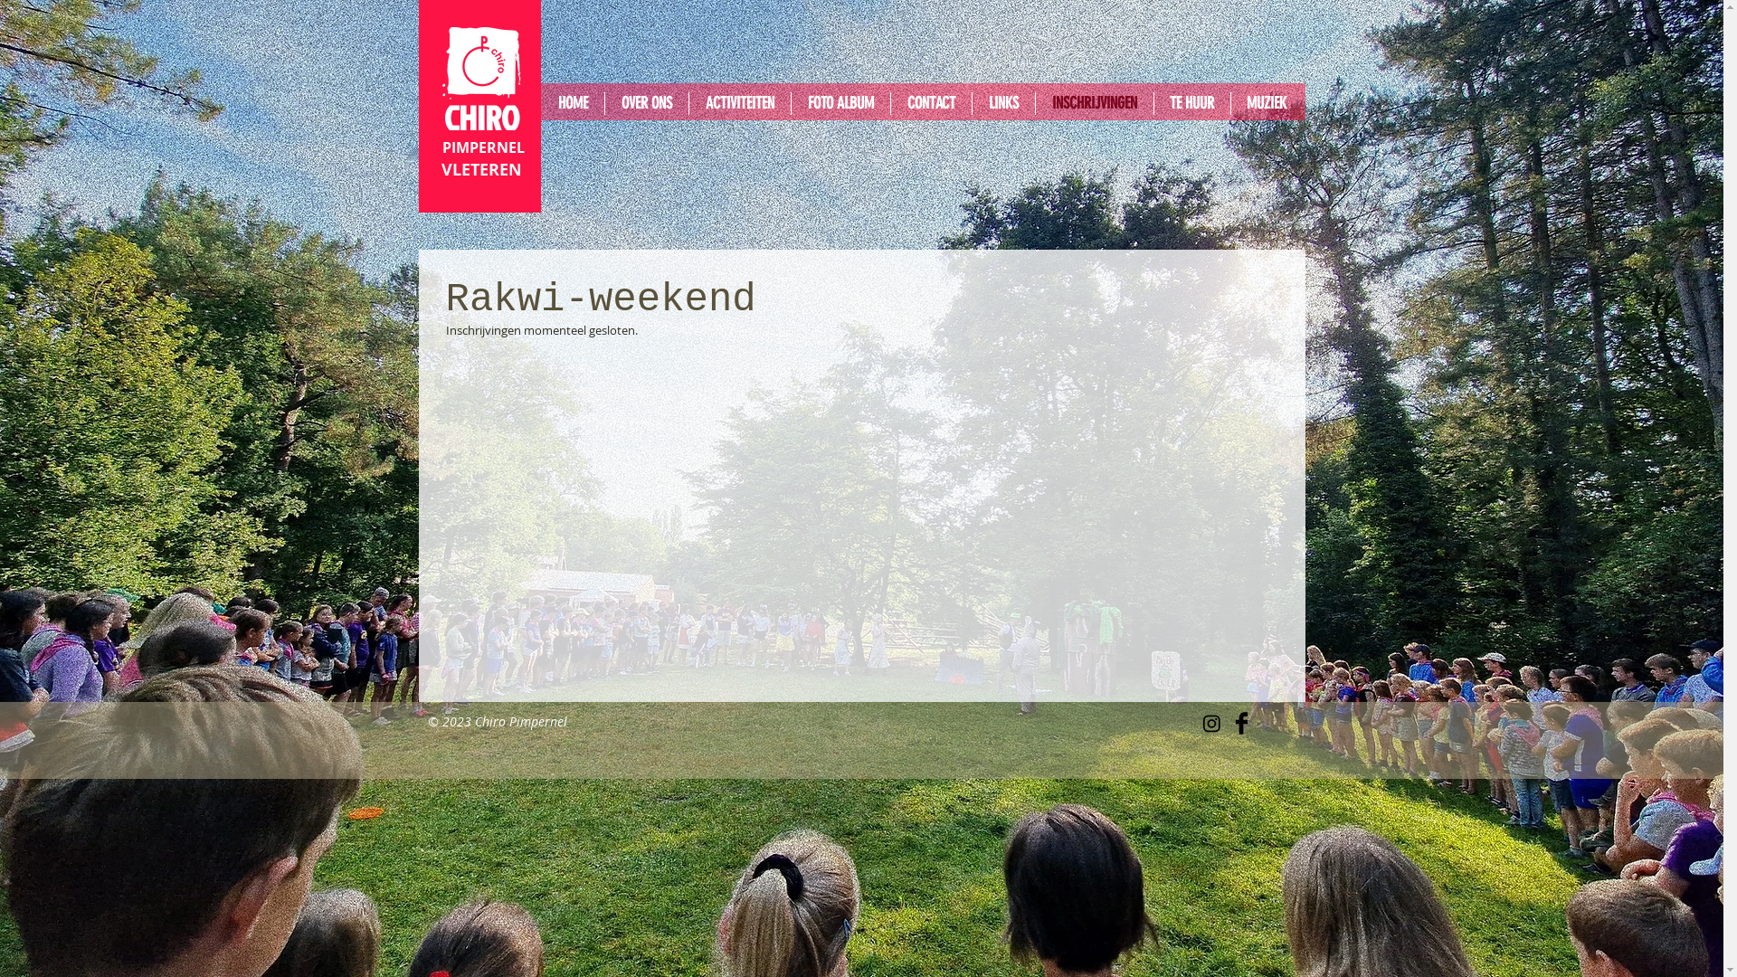 This screenshot has height=977, width=1737. What do you see at coordinates (571, 103) in the screenshot?
I see `'HOME'` at bounding box center [571, 103].